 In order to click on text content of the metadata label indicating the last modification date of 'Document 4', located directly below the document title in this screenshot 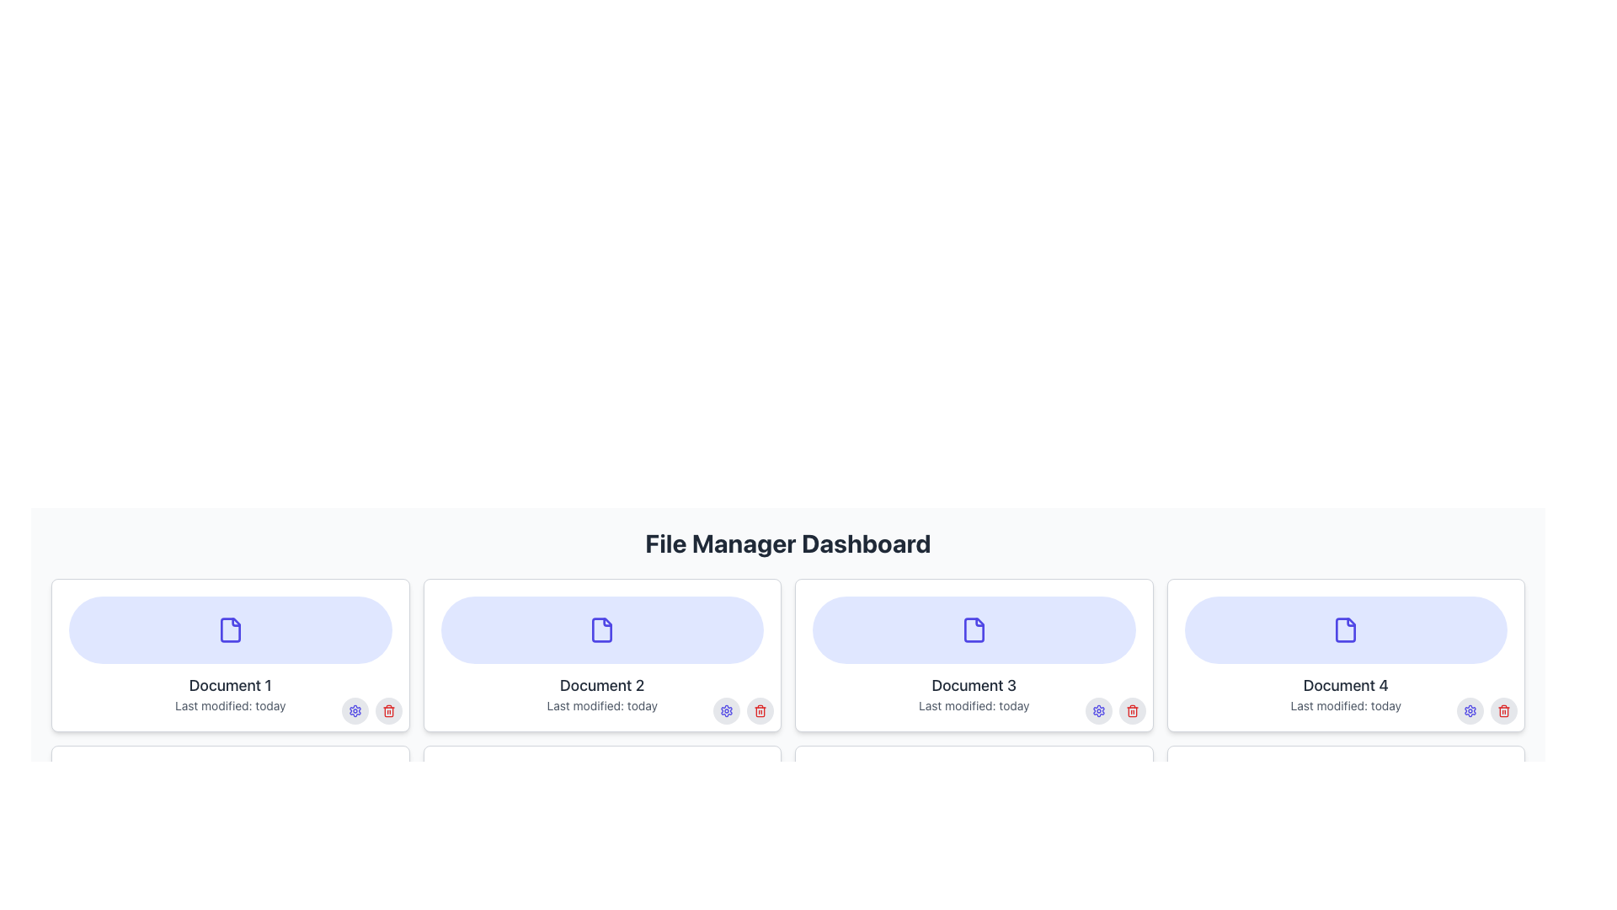, I will do `click(1345, 705)`.